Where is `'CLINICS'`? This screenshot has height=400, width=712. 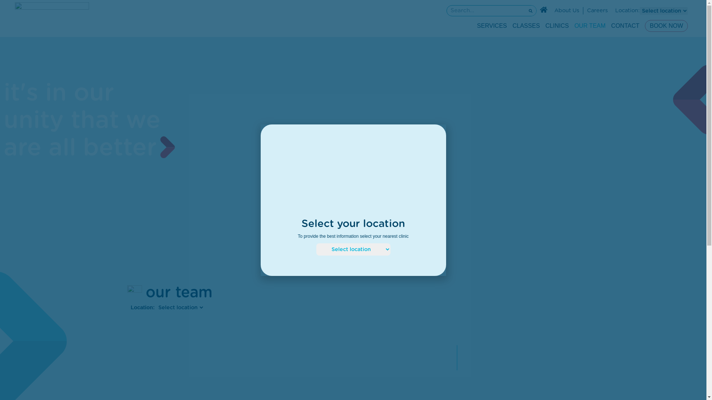
'CLINICS' is located at coordinates (557, 25).